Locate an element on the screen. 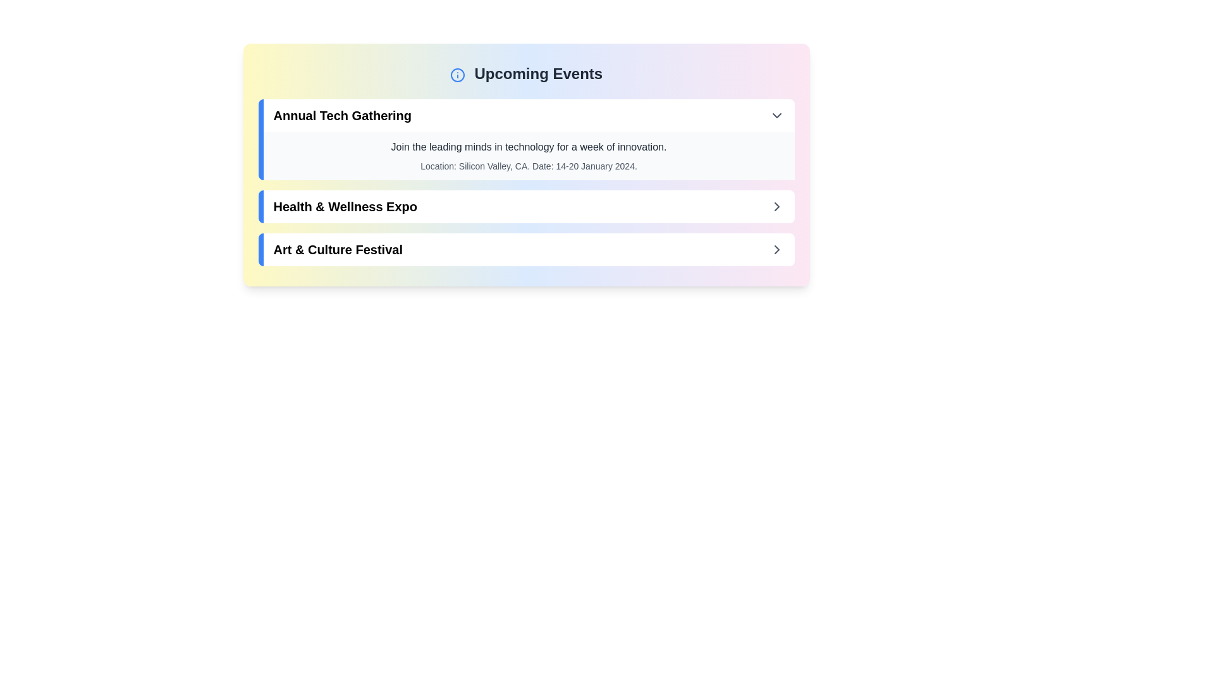  the informational icon located to the left of the 'Upcoming Events' title in the header section of the card layout is located at coordinates (457, 75).